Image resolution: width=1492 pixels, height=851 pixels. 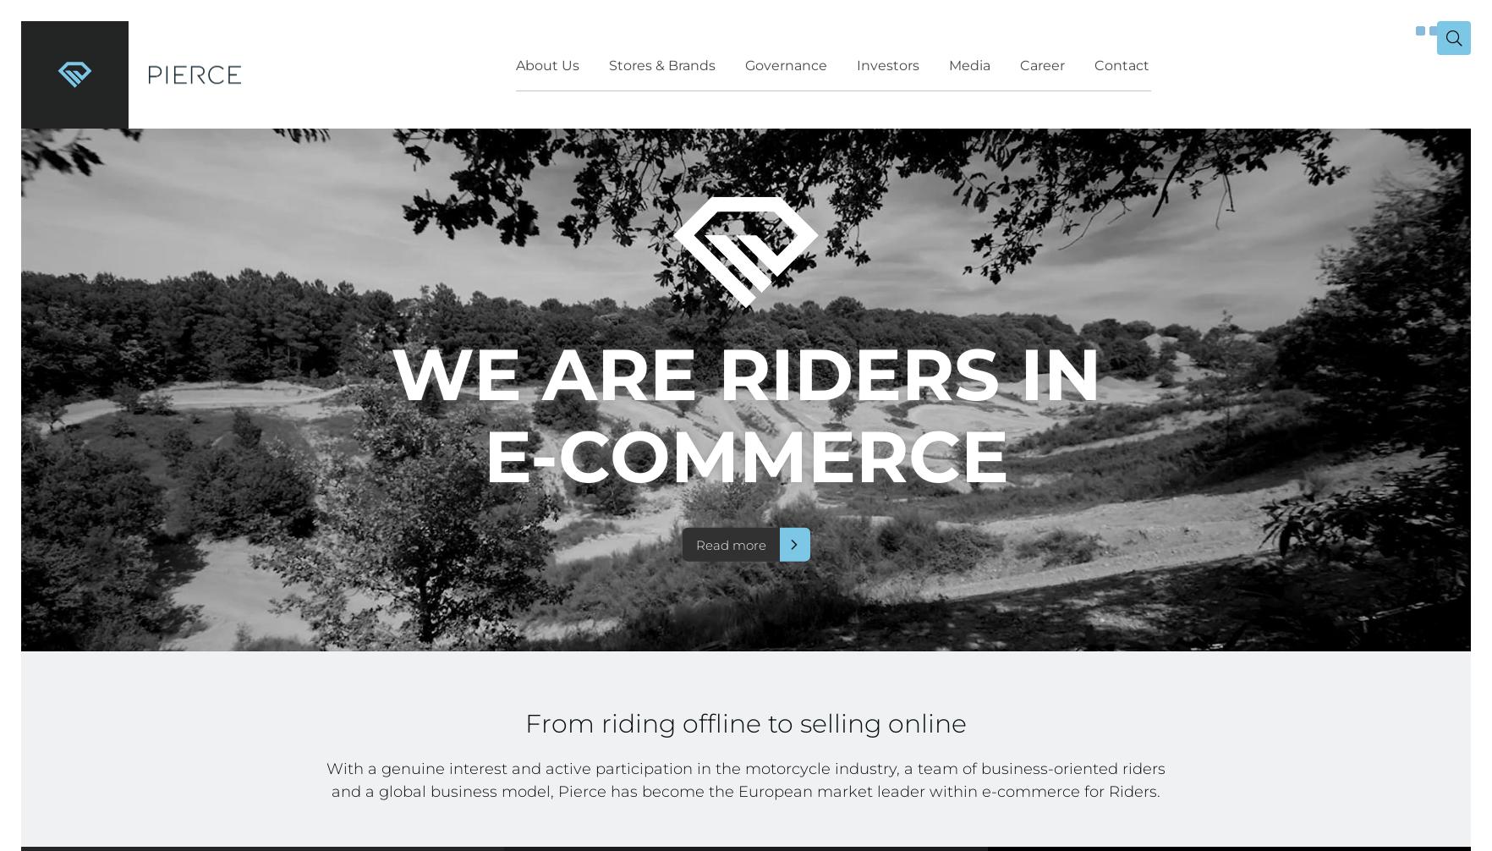 What do you see at coordinates (787, 275) in the screenshot?
I see `'Reports & presentations'` at bounding box center [787, 275].